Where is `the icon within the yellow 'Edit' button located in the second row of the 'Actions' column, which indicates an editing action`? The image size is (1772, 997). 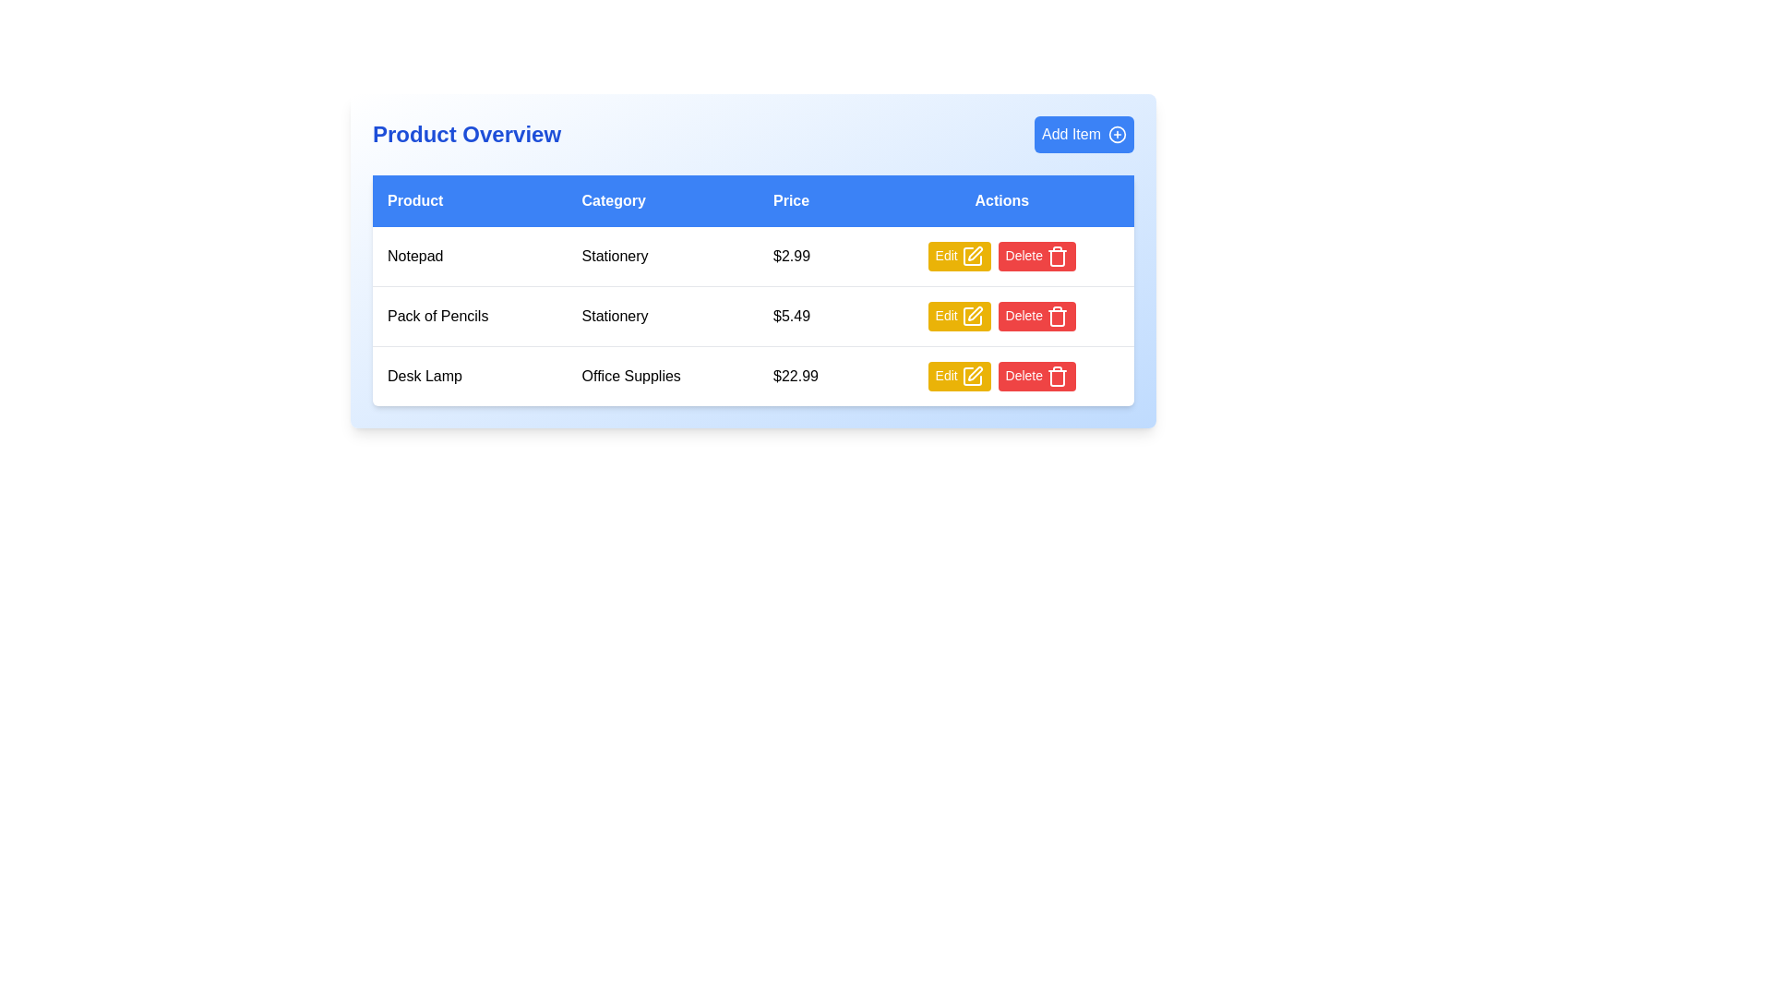
the icon within the yellow 'Edit' button located in the second row of the 'Actions' column, which indicates an editing action is located at coordinates (971, 256).